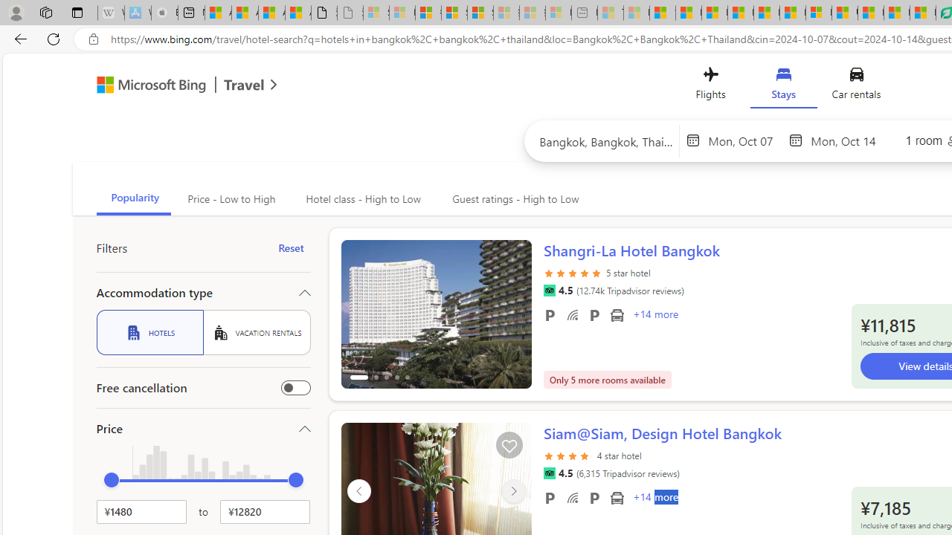  I want to click on 'Marine life - MSN - Sleeping', so click(636, 13).